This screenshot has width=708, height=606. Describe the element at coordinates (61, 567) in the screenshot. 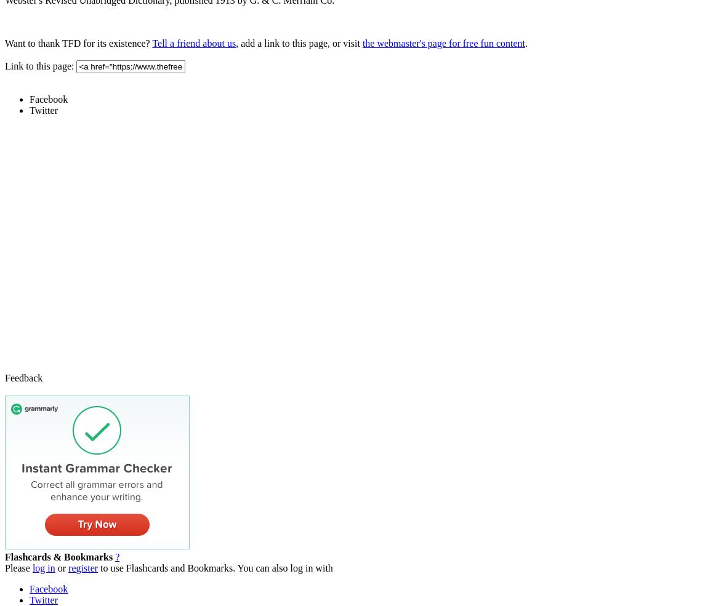

I see `'or'` at that location.